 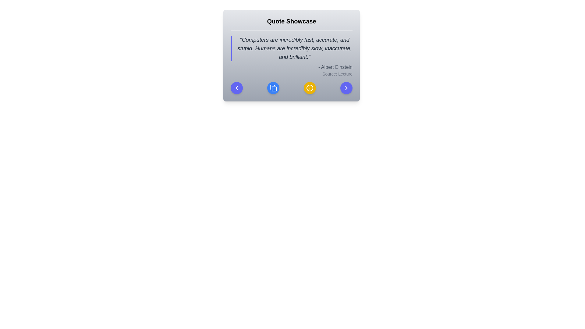 What do you see at coordinates (310, 88) in the screenshot?
I see `the circular icon button with a yellow background and white outline, which contains an information symbol` at bounding box center [310, 88].